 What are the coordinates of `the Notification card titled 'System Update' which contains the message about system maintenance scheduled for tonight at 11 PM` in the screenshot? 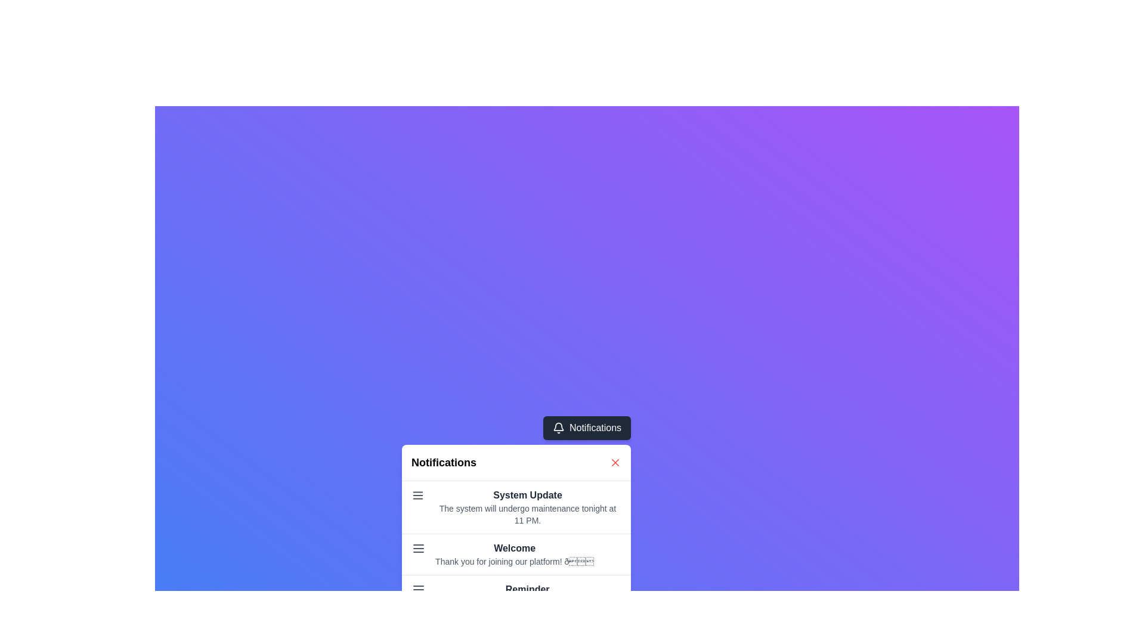 It's located at (516, 507).